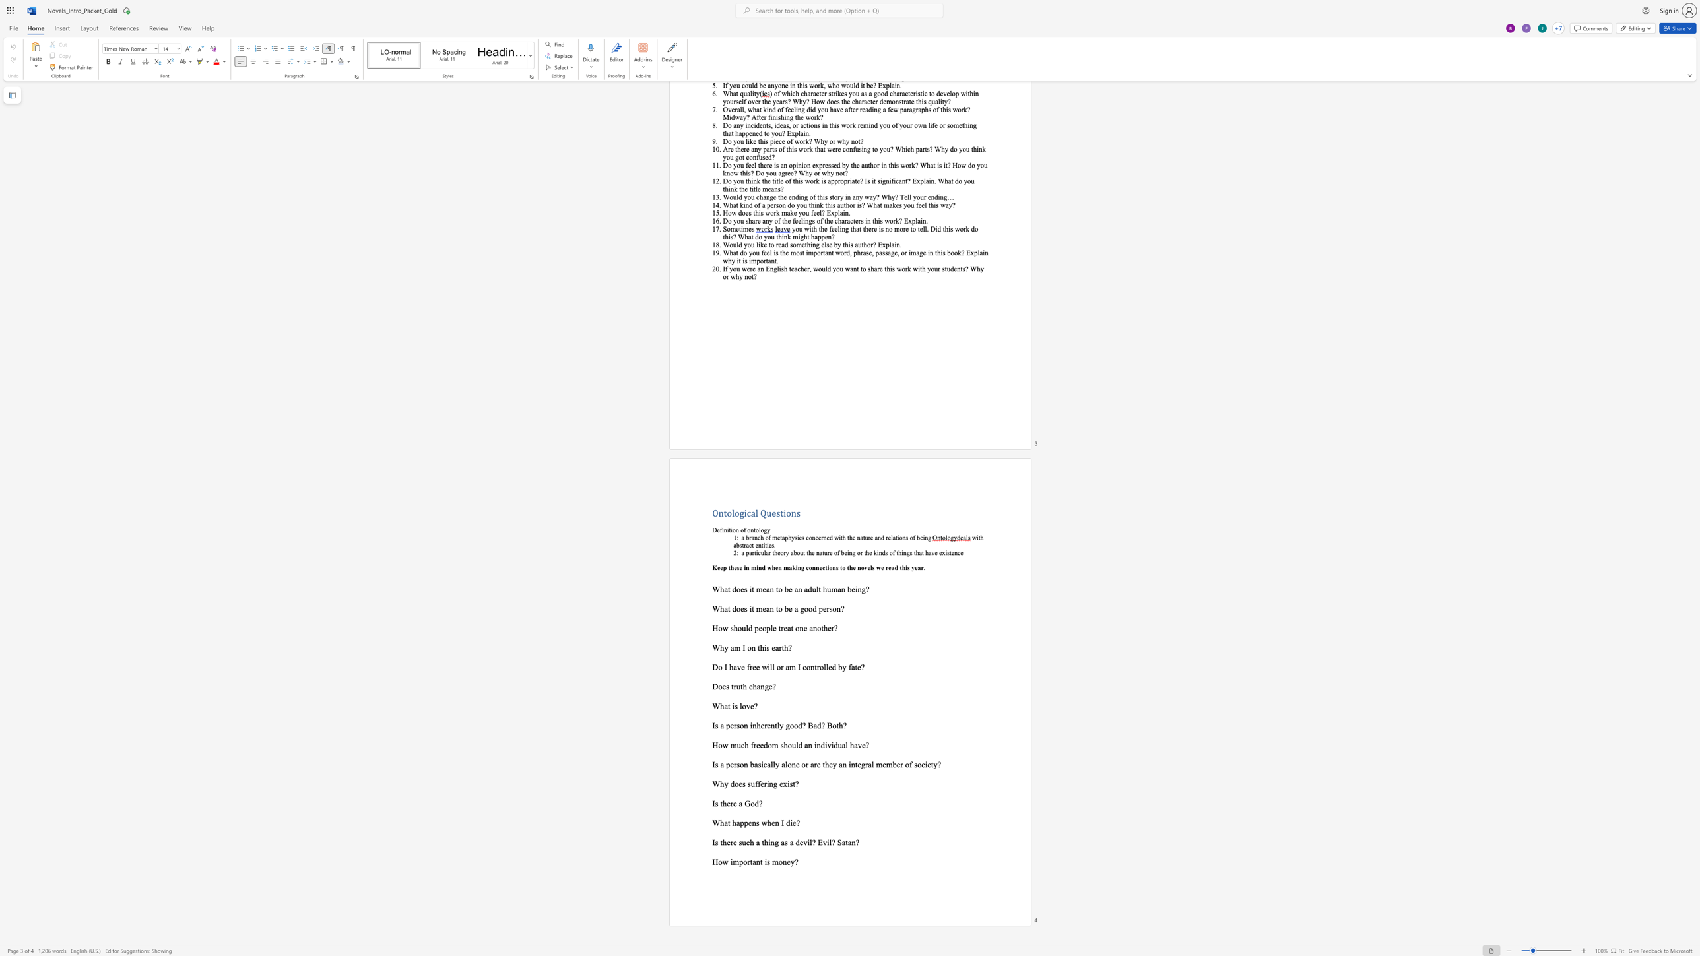 This screenshot has height=956, width=1700. Describe the element at coordinates (727, 705) in the screenshot. I see `the space between the continuous character "a" and "t" in the text` at that location.